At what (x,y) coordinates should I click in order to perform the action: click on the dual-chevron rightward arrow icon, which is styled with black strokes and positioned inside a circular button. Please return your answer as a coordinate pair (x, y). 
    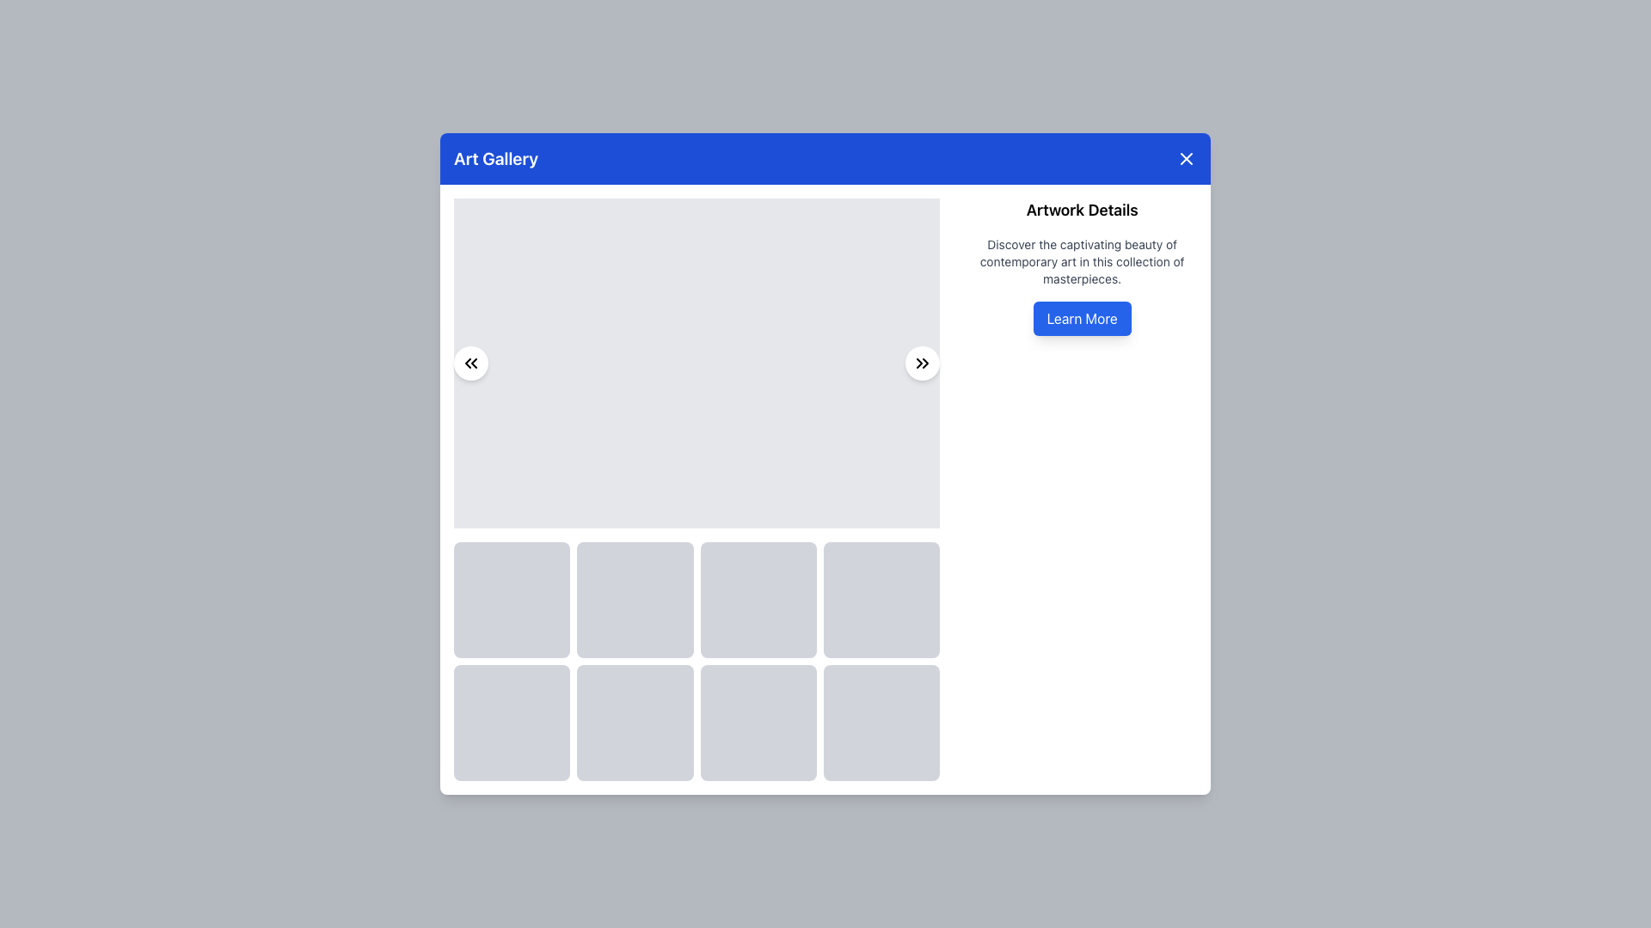
    Looking at the image, I should click on (922, 362).